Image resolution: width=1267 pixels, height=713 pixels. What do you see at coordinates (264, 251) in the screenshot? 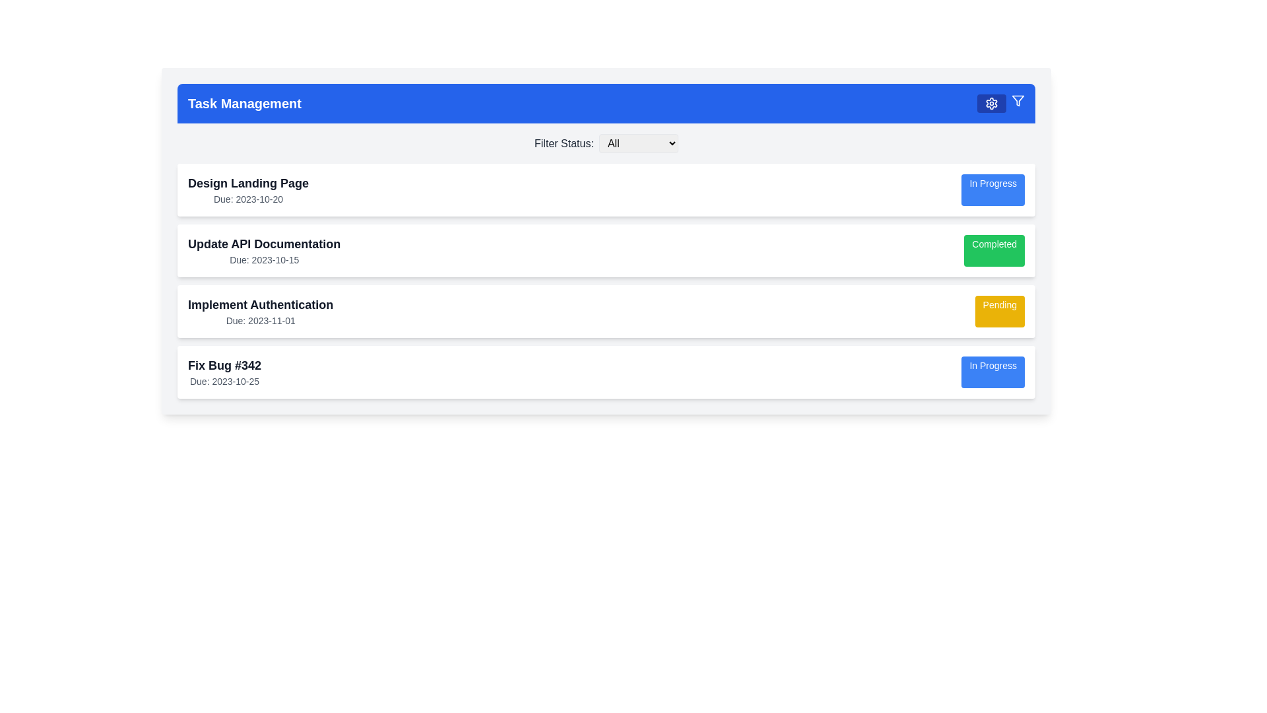
I see `the label displaying the task title 'Update API Documentation' to select the text` at bounding box center [264, 251].